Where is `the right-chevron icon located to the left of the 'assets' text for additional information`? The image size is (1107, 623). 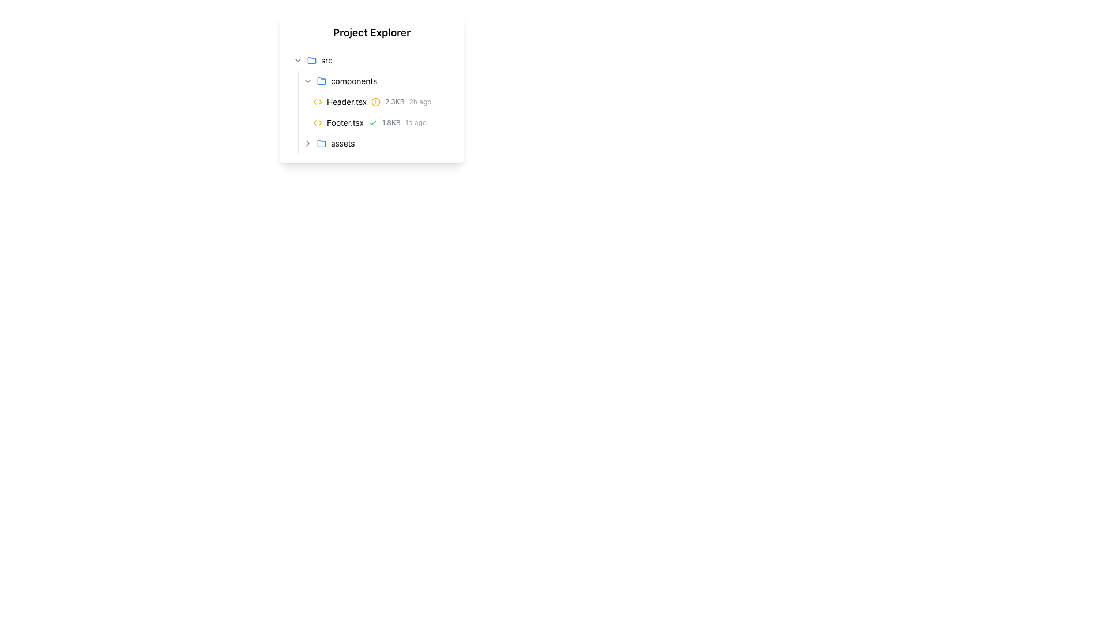
the right-chevron icon located to the left of the 'assets' text for additional information is located at coordinates (307, 143).